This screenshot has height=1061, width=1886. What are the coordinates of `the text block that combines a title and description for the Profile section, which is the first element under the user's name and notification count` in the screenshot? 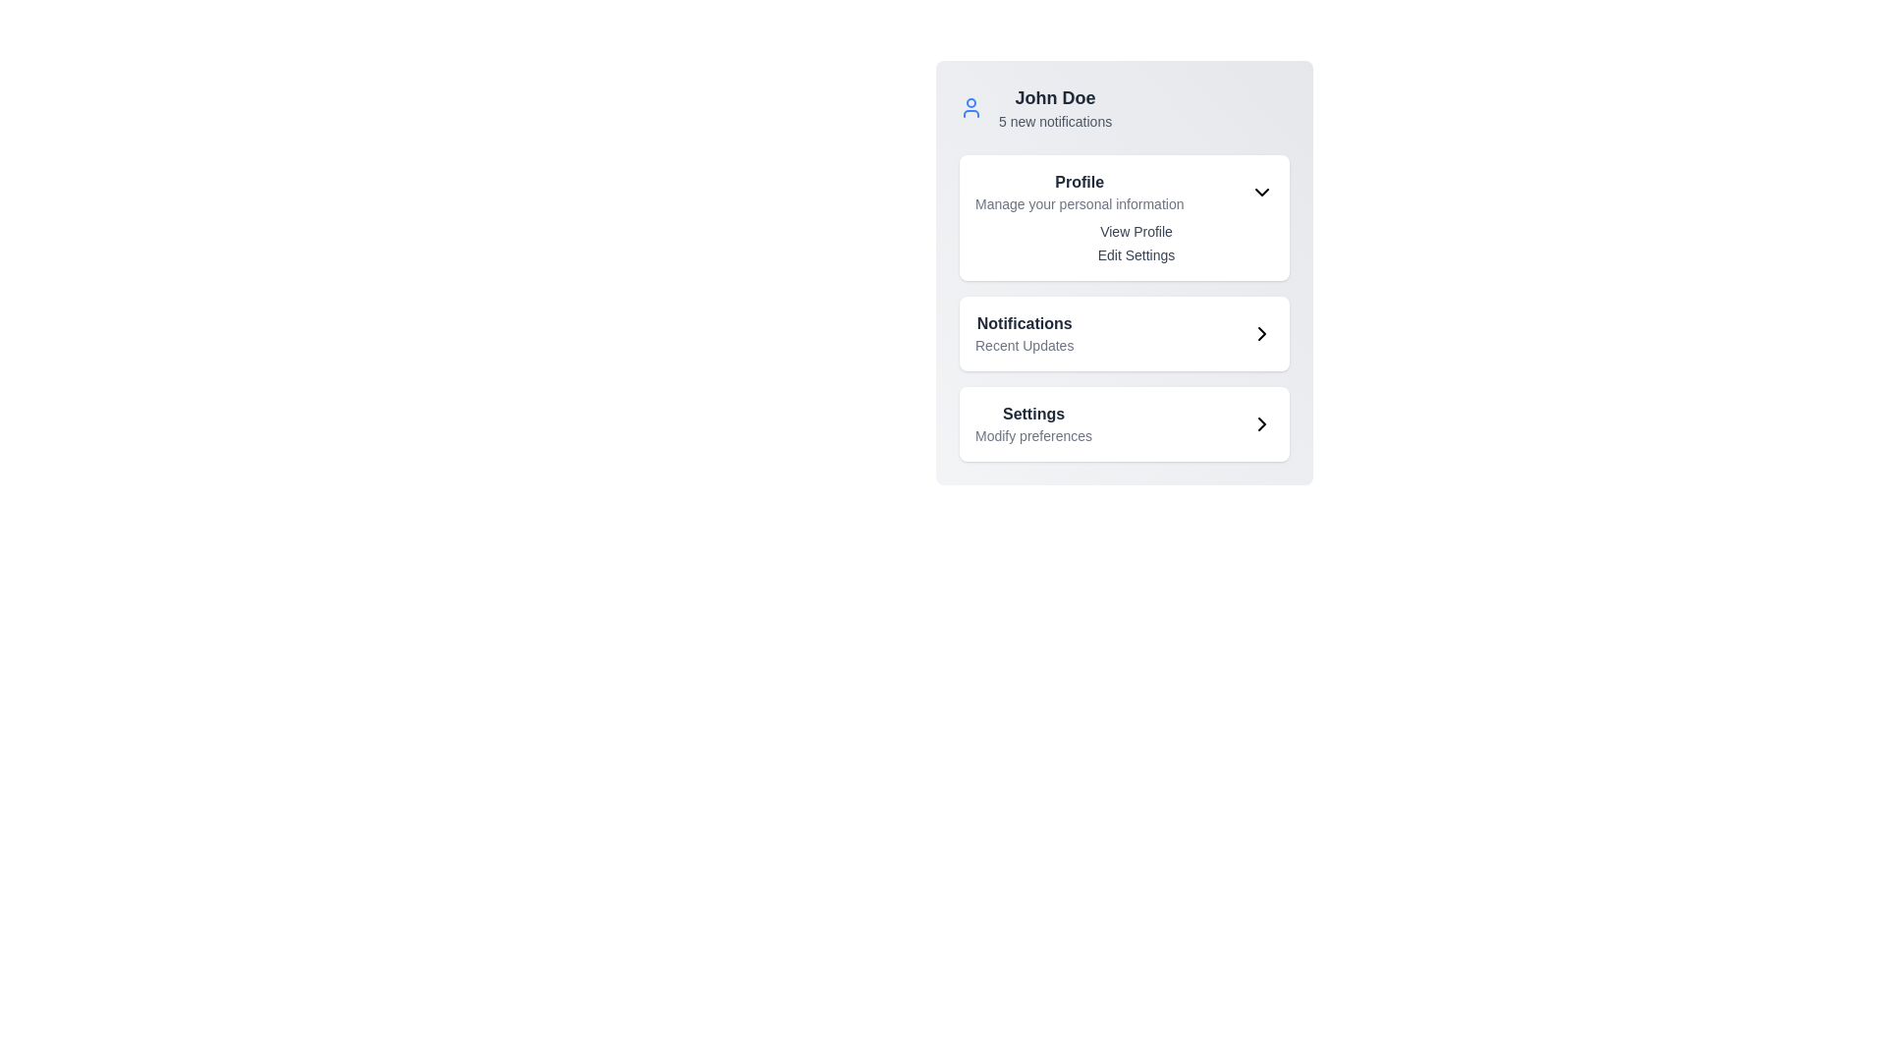 It's located at (1079, 193).